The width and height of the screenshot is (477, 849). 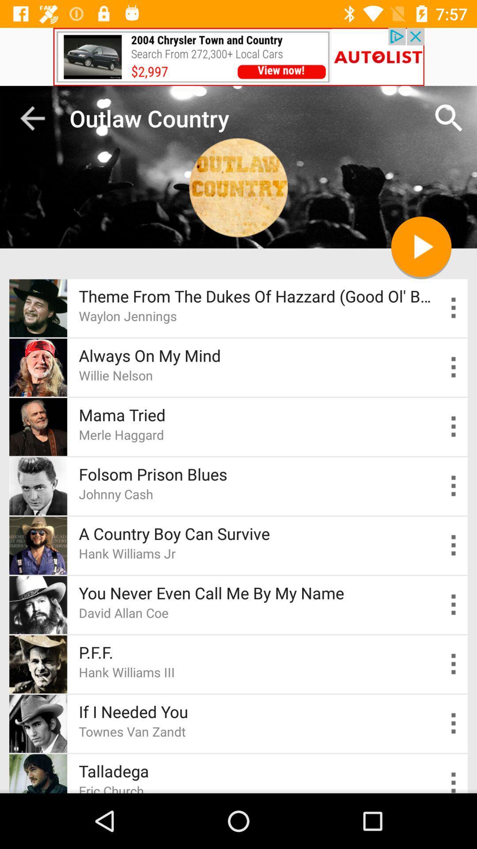 I want to click on click for more information, so click(x=454, y=308).